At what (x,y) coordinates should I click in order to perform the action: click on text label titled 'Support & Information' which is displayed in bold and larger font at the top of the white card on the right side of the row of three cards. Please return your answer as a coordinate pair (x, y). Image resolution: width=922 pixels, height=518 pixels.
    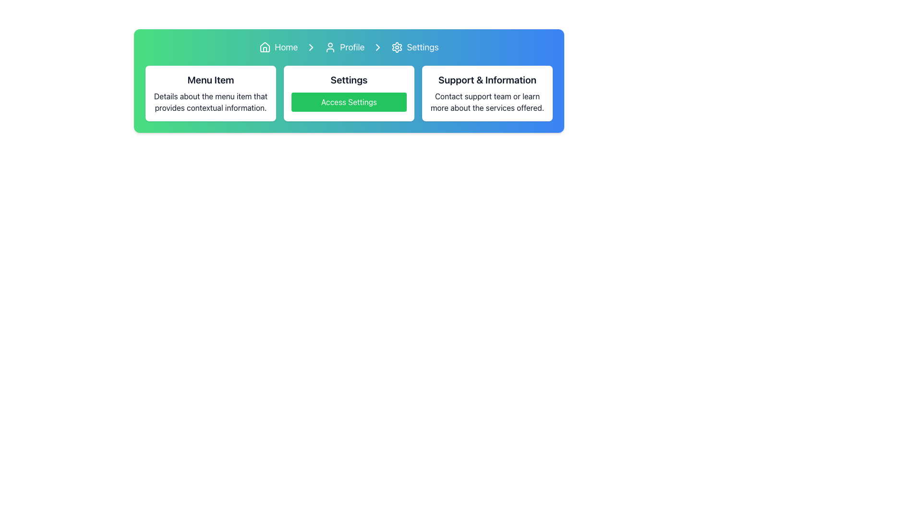
    Looking at the image, I should click on (487, 79).